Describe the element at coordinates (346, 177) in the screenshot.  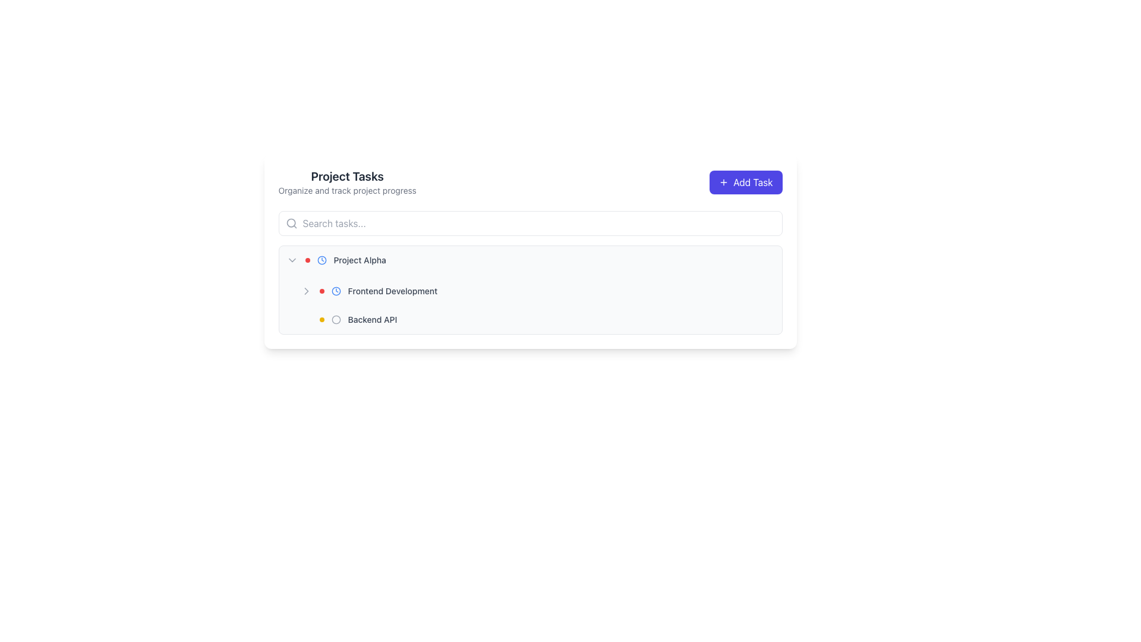
I see `the 'Project Tasks' text label, which displays in large, bold dark gray font and serves as a header for the section` at that location.